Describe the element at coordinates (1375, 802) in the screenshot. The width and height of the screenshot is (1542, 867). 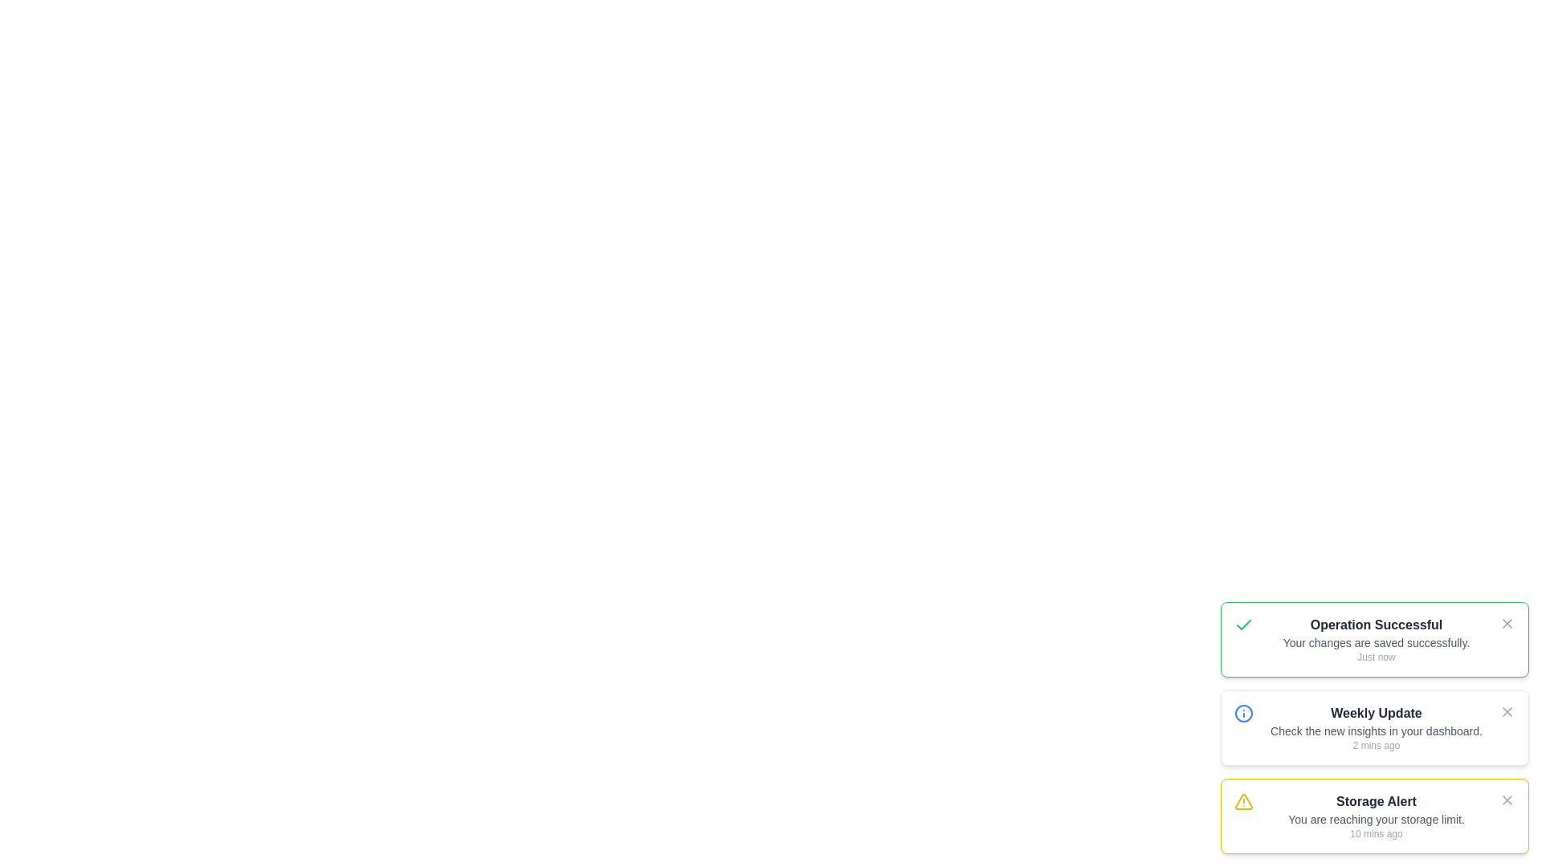
I see `the bold text label 'Storage Alert' located within the bottom-most rectangular notification card on the right side of the interface` at that location.